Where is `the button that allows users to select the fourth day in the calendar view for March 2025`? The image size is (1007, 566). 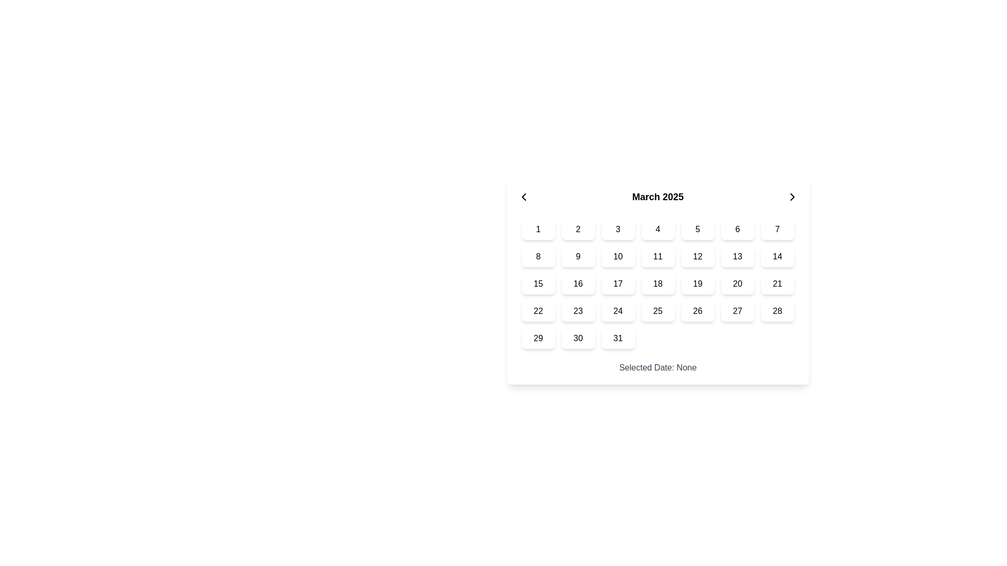 the button that allows users to select the fourth day in the calendar view for March 2025 is located at coordinates (657, 229).